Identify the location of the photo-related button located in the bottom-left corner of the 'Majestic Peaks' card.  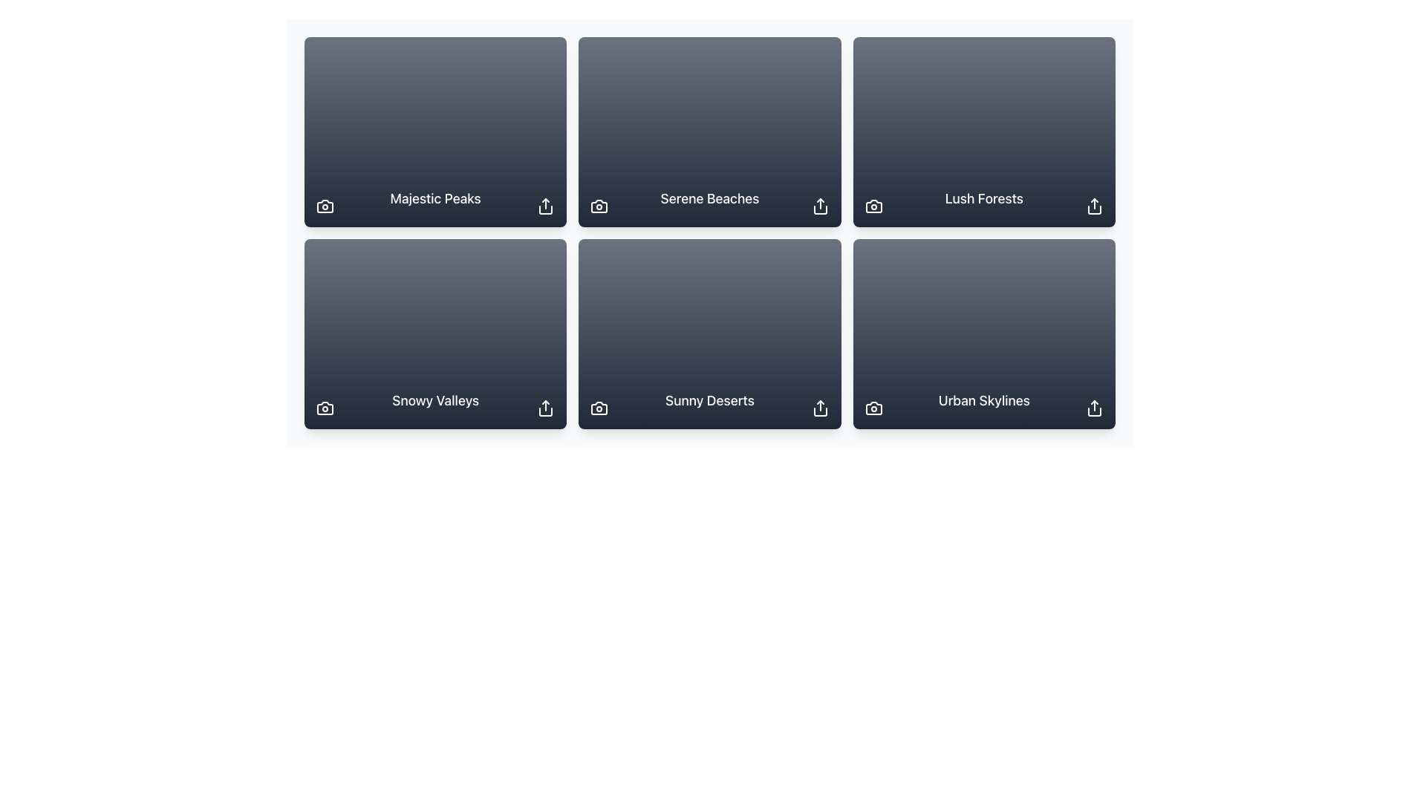
(324, 206).